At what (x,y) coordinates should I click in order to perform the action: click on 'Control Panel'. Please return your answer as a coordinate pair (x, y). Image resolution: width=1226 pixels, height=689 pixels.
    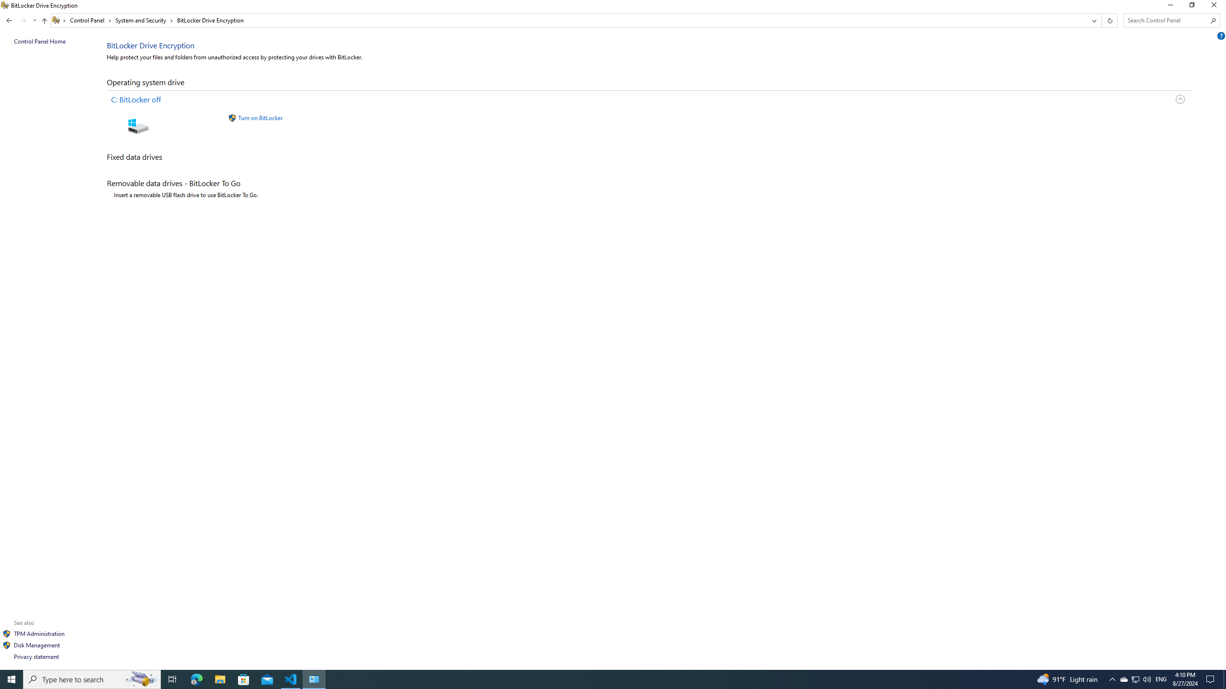
    Looking at the image, I should click on (90, 20).